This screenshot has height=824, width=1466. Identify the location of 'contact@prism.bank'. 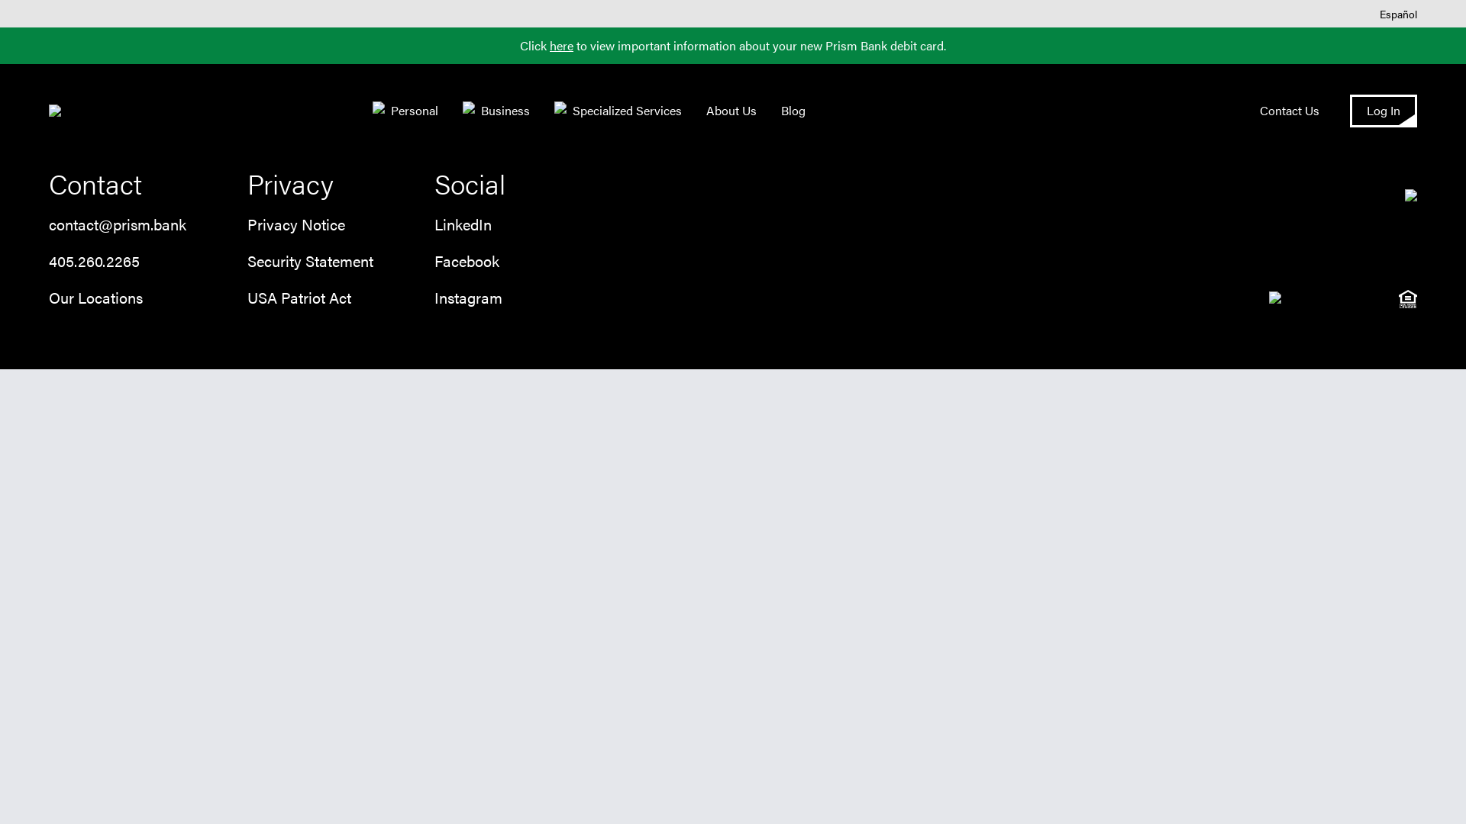
(48, 224).